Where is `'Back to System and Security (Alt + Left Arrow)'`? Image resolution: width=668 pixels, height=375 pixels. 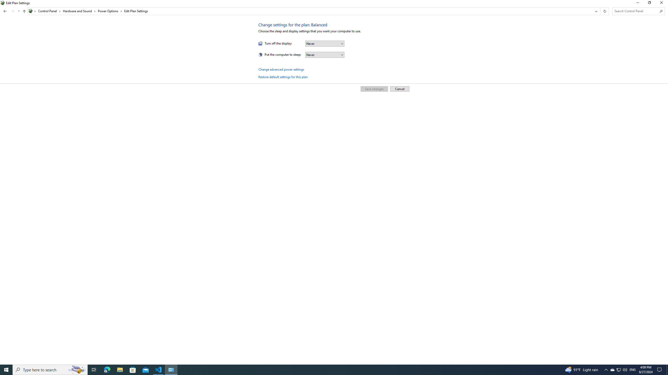 'Back to System and Security (Alt + Left Arrow)' is located at coordinates (5, 11).